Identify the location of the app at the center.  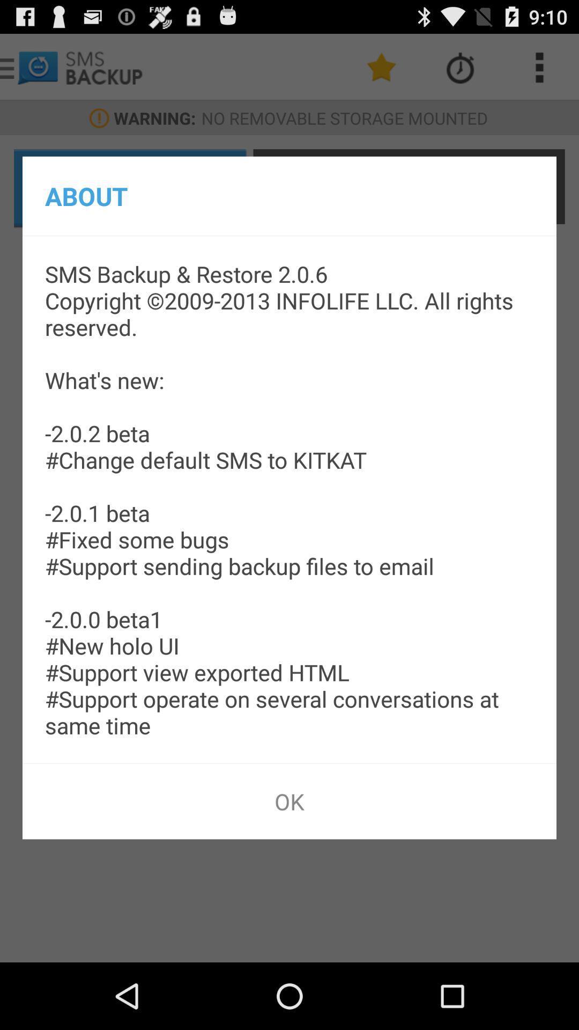
(289, 499).